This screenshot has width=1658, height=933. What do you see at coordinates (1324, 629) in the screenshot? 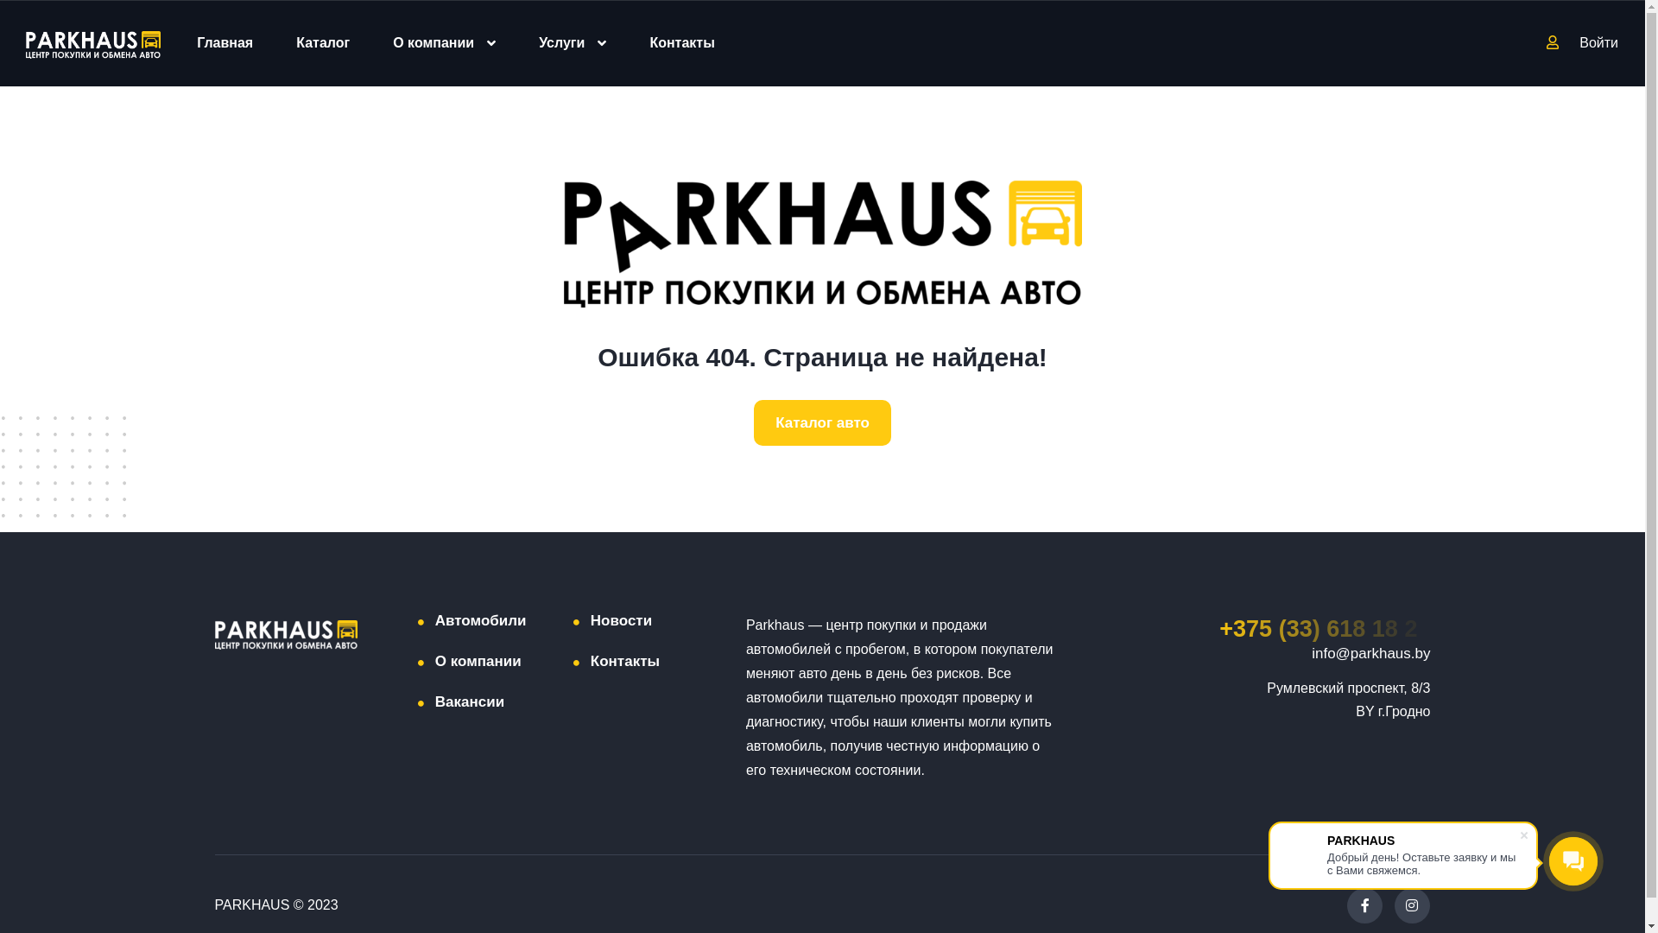
I see `'+375 (33) 618 18 2'` at bounding box center [1324, 629].